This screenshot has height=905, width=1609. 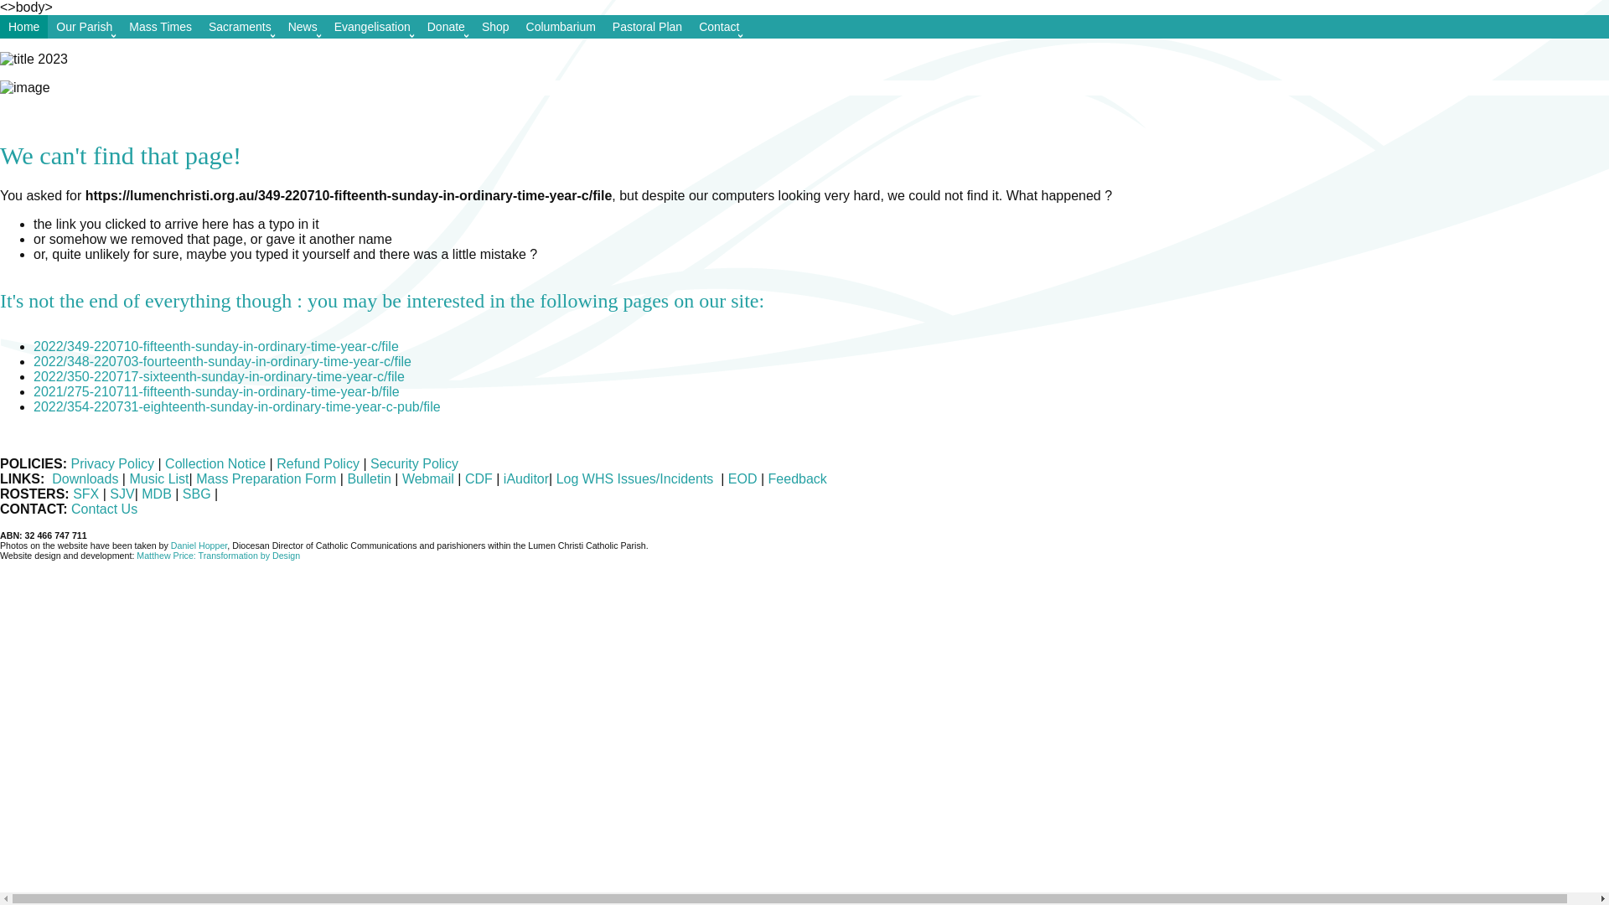 I want to click on 'MDB', so click(x=141, y=493).